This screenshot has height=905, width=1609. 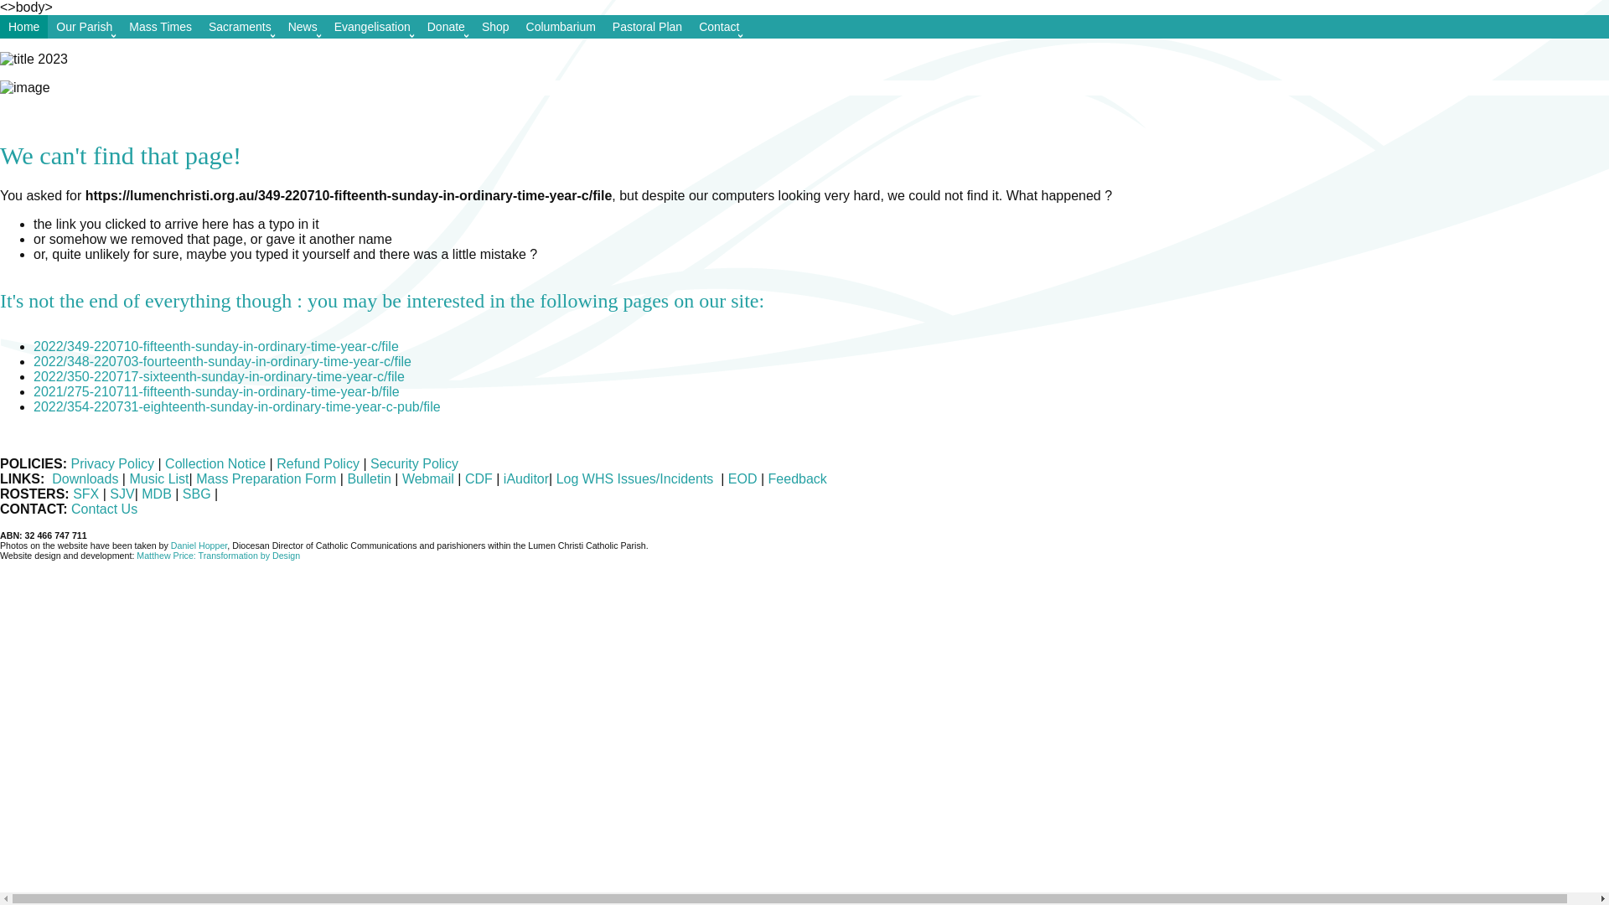 I want to click on 'MDB', so click(x=141, y=493).